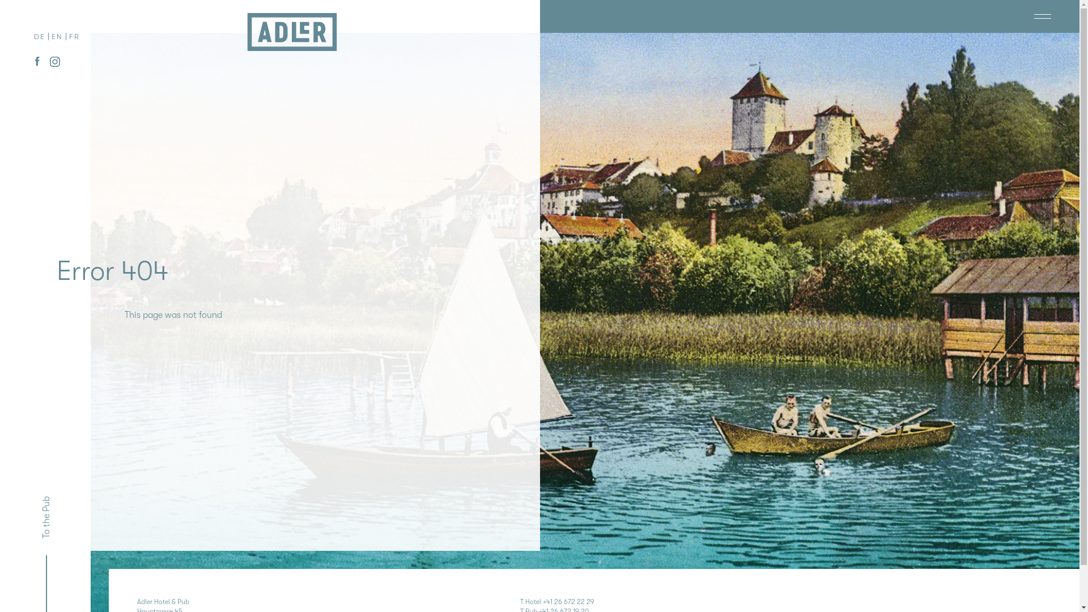  Describe the element at coordinates (1001, 16) in the screenshot. I see `'Freiburger Falle'` at that location.